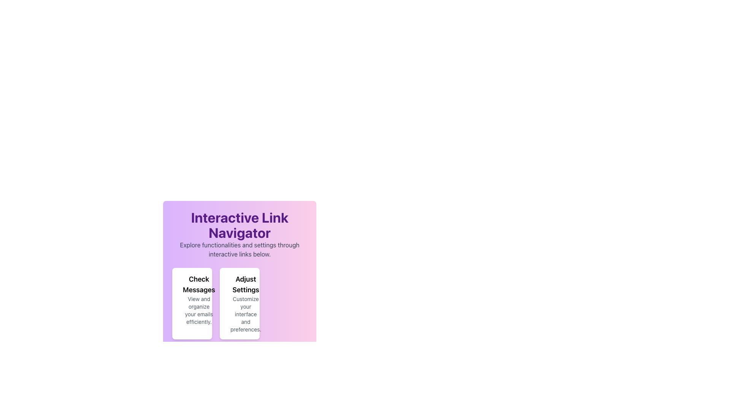 The image size is (730, 411). Describe the element at coordinates (246, 303) in the screenshot. I see `information from the text block labeled 'Adjust Settings' within the Interactive Link Navigator interface, which contains instructions to customize the interface and preferences` at that location.